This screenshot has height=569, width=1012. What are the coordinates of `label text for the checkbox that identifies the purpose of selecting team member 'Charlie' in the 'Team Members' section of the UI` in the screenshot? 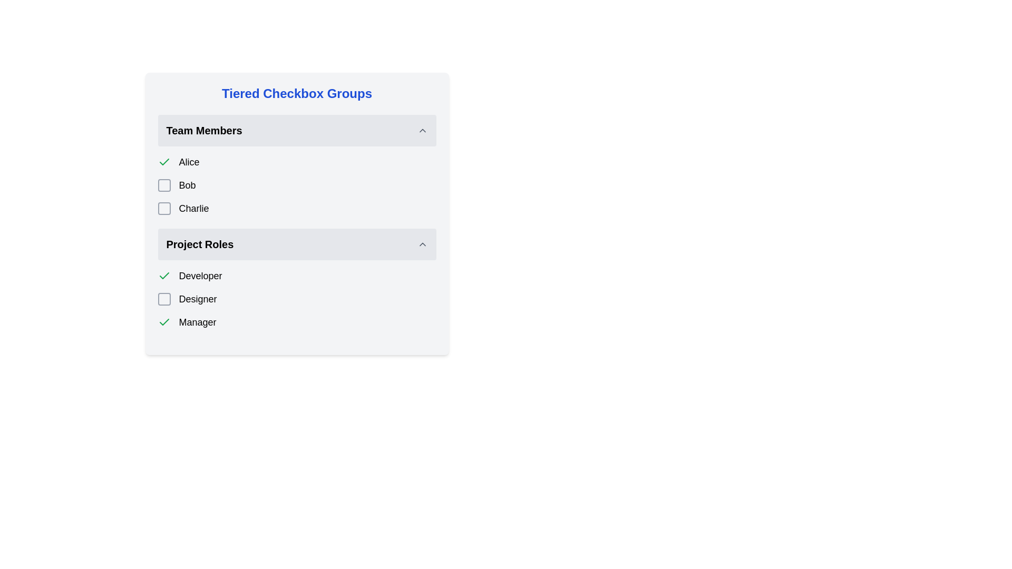 It's located at (194, 209).